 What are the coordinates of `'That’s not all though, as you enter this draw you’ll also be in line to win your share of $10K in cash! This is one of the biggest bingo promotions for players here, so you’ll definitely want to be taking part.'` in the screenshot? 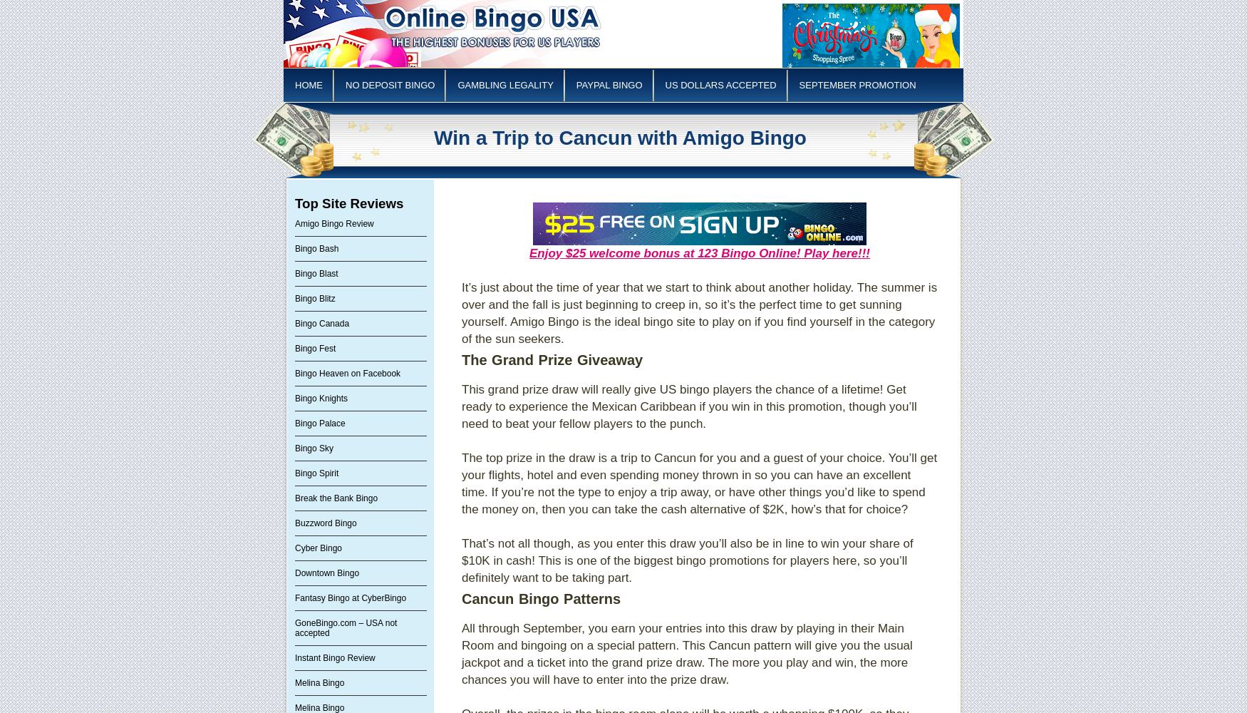 It's located at (687, 560).